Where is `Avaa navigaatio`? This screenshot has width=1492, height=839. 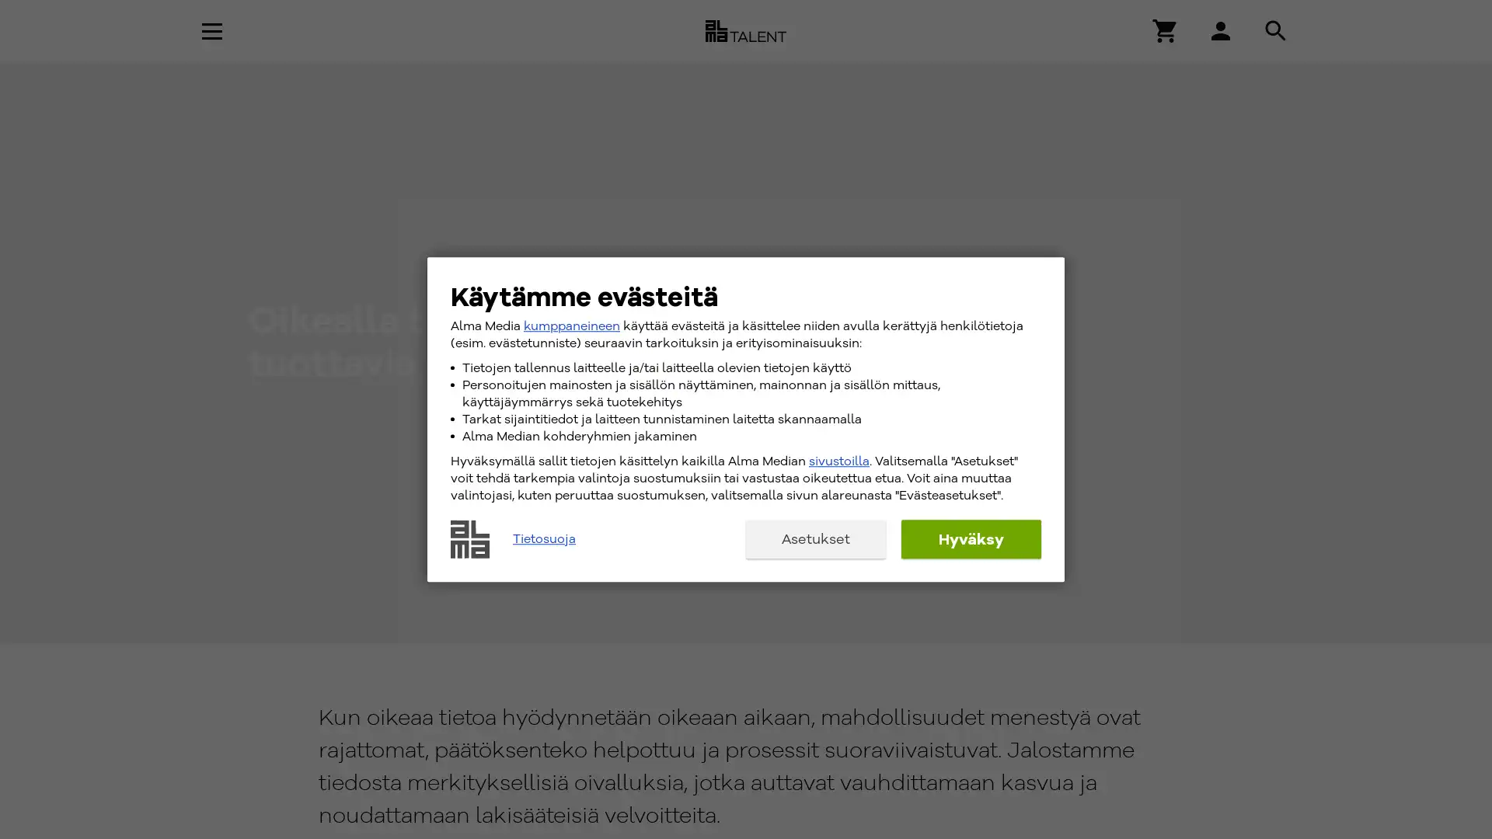
Avaa navigaatio is located at coordinates (211, 30).